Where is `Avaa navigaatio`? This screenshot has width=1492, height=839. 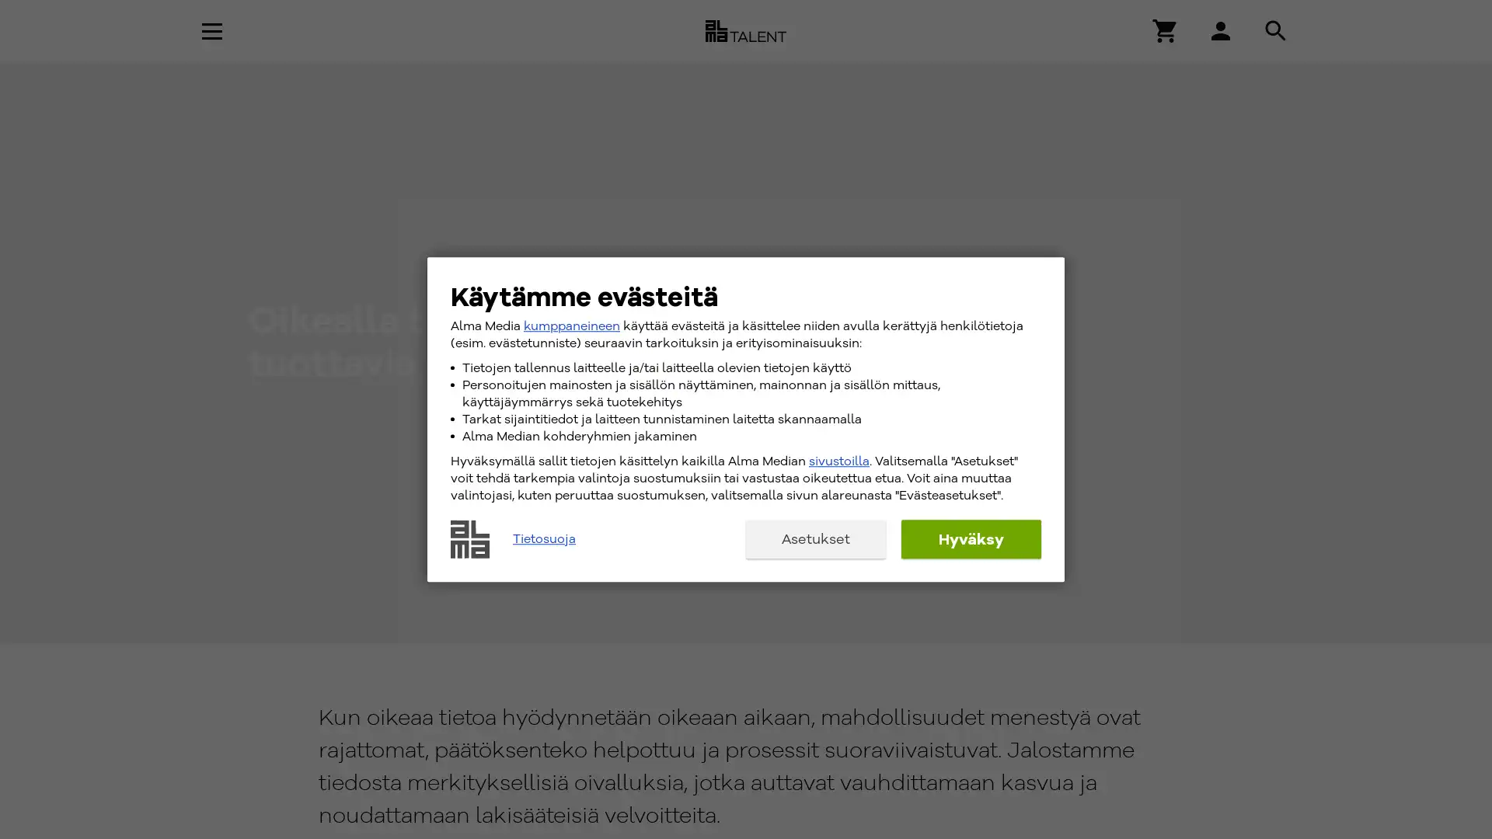
Avaa navigaatio is located at coordinates (211, 30).